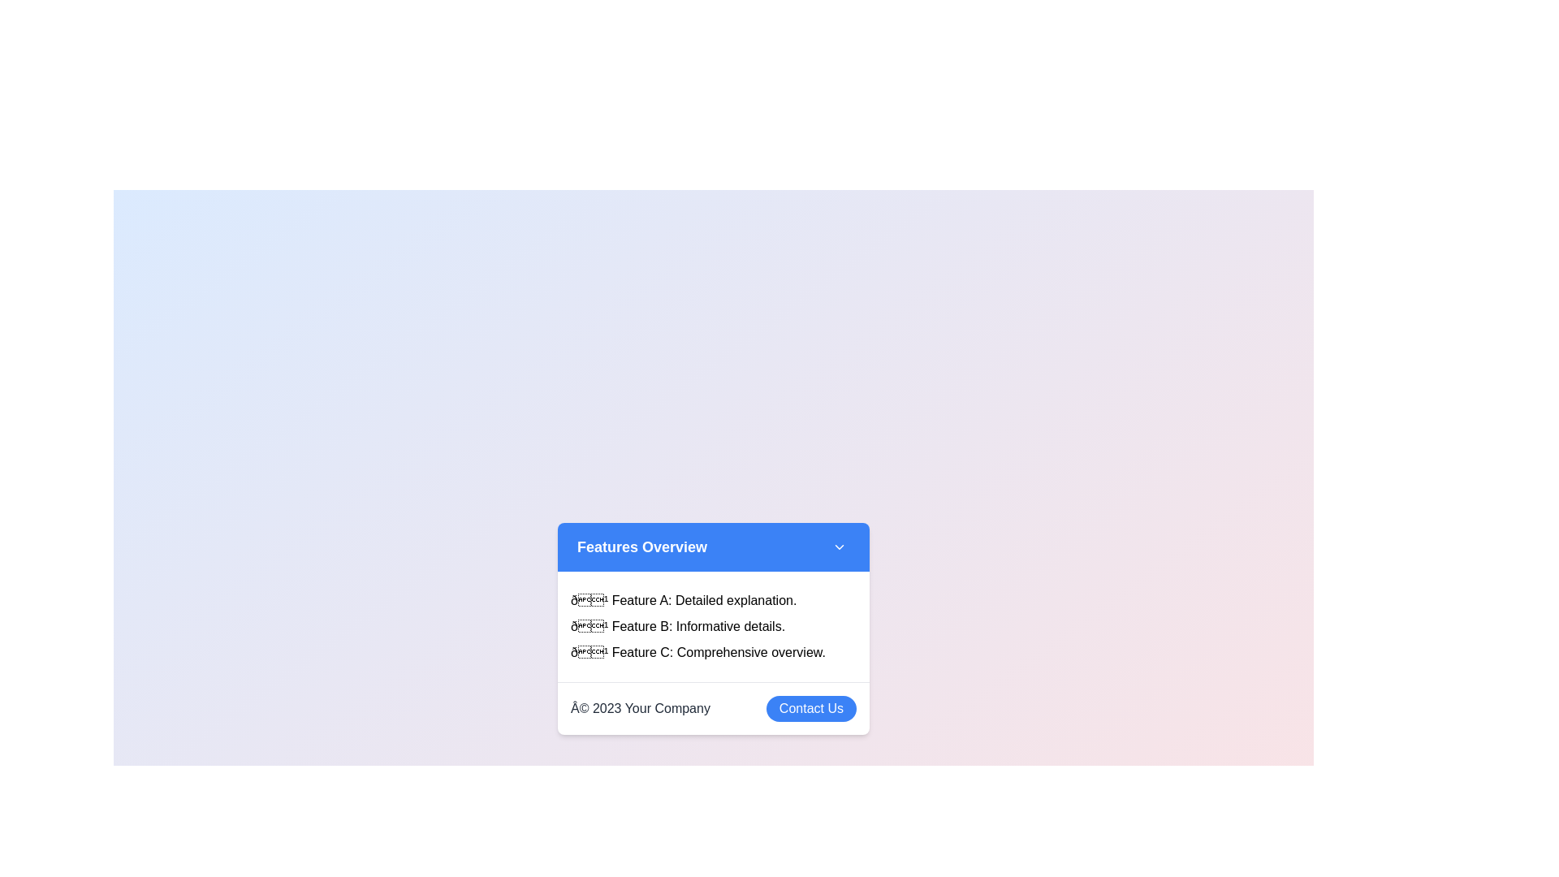 The image size is (1559, 877). What do you see at coordinates (639, 707) in the screenshot?
I see `the copyright notice text label component located at the bottom-left corner of the footer section` at bounding box center [639, 707].